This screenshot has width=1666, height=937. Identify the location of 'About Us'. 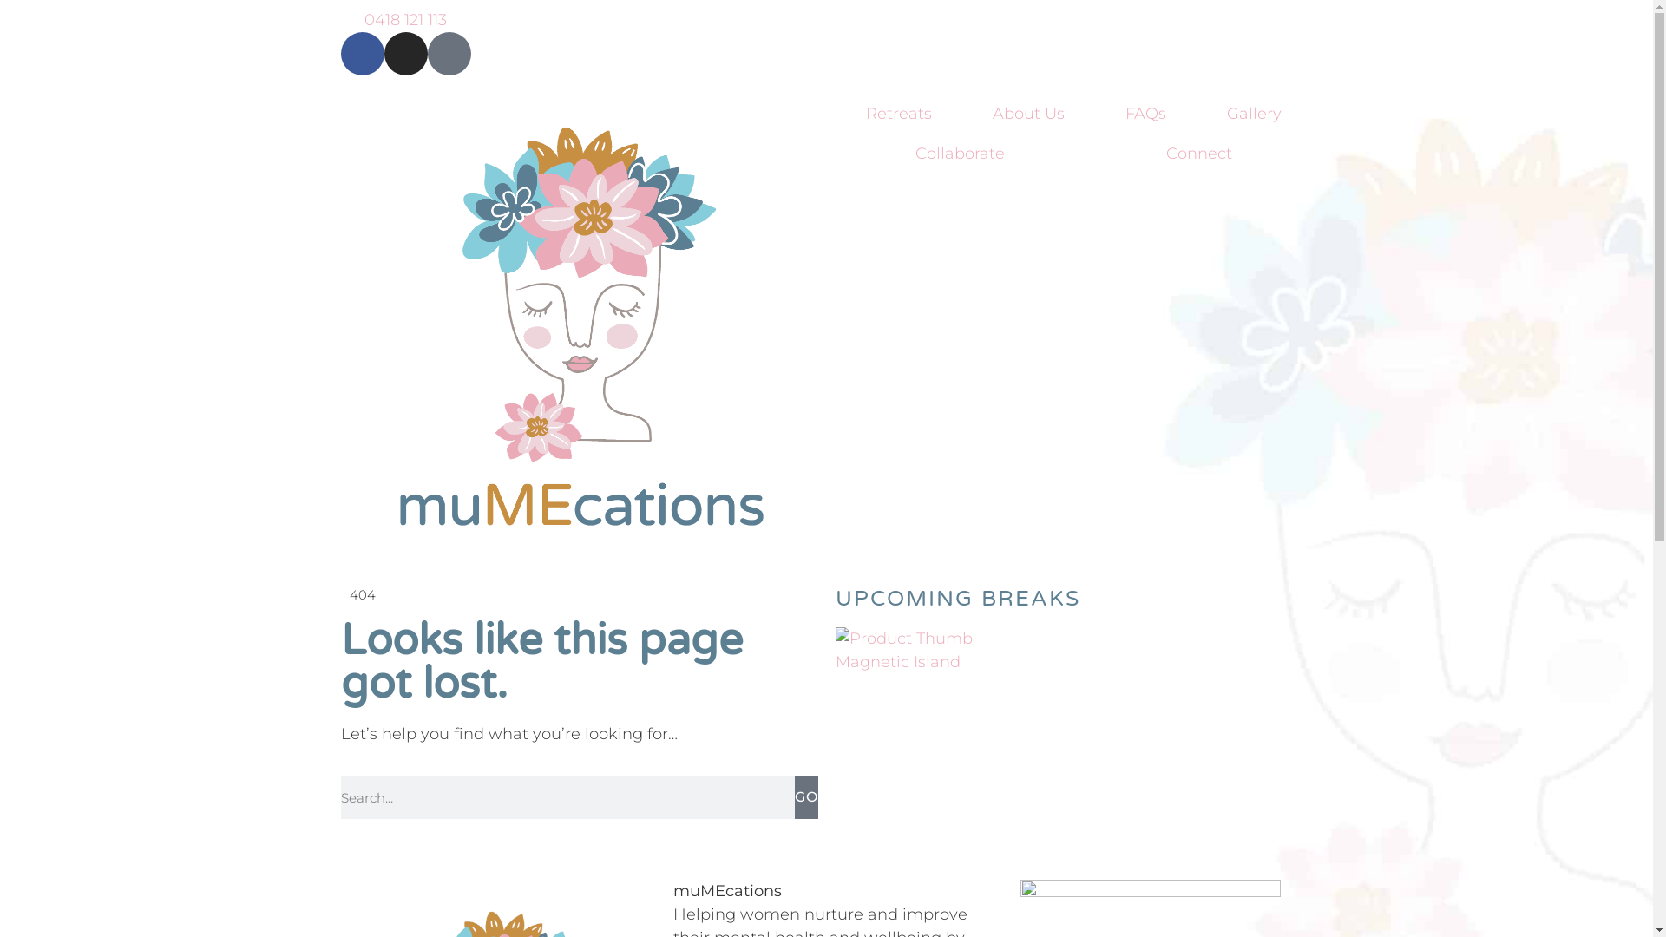
(1028, 114).